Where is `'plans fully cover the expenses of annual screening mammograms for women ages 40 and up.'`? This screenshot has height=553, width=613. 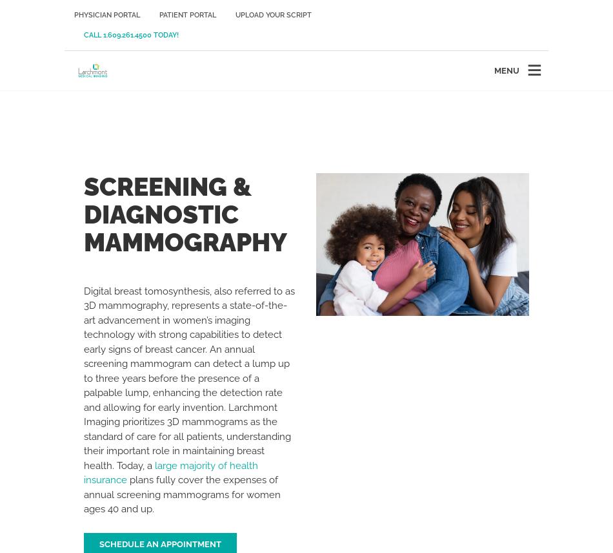 'plans fully cover the expenses of annual screening mammograms for women ages 40 and up.' is located at coordinates (181, 494).